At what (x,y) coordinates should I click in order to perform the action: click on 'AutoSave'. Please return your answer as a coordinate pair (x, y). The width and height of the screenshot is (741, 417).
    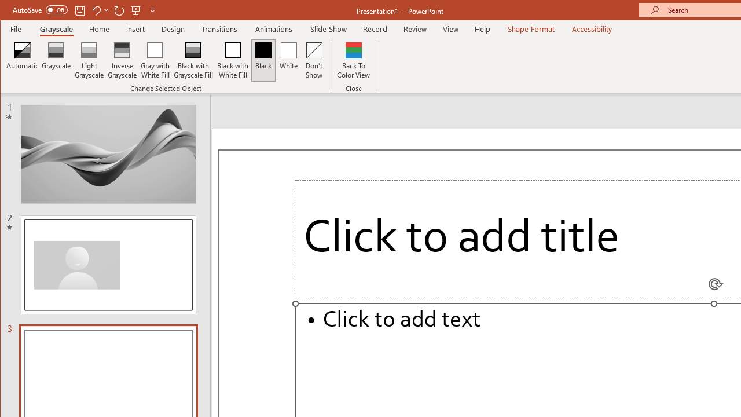
    Looking at the image, I should click on (40, 10).